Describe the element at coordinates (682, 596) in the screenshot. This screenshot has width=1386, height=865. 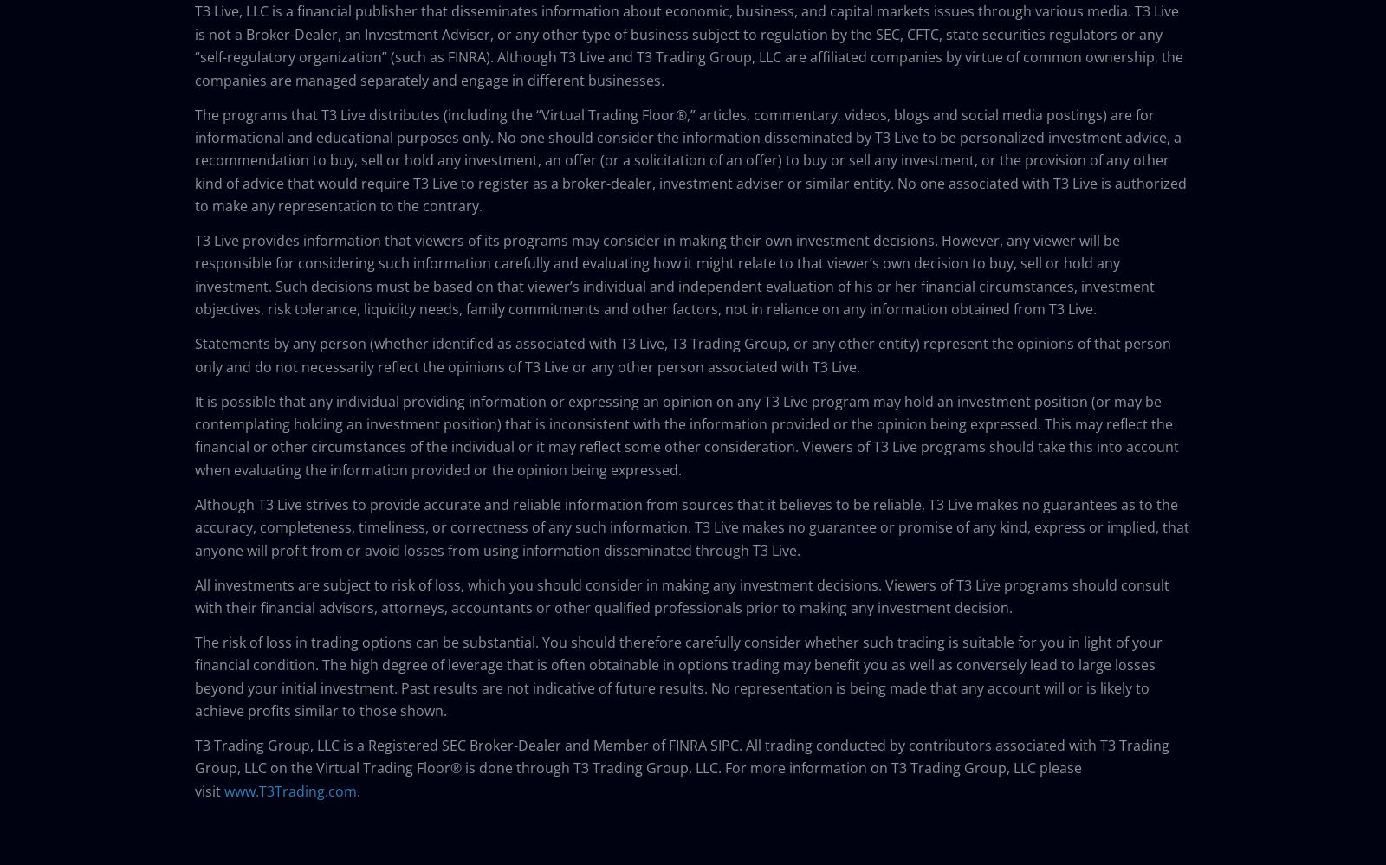
I see `'All investments are subject to risk of loss, which you should consider in making any investment decisions. Viewers of T3 Live programs should consult with their financial advisors, attorneys, accountants or other qualified professionals prior to making any investment decision.'` at that location.